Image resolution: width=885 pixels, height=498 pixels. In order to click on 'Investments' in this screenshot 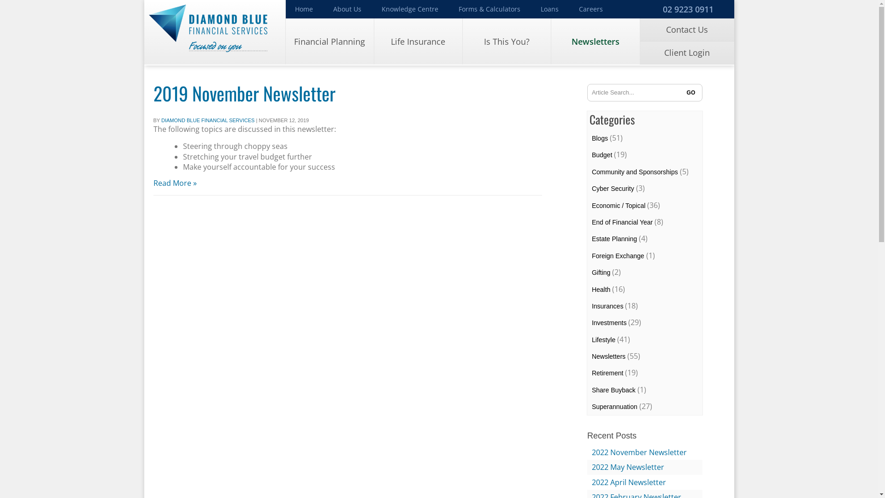, I will do `click(609, 322)`.